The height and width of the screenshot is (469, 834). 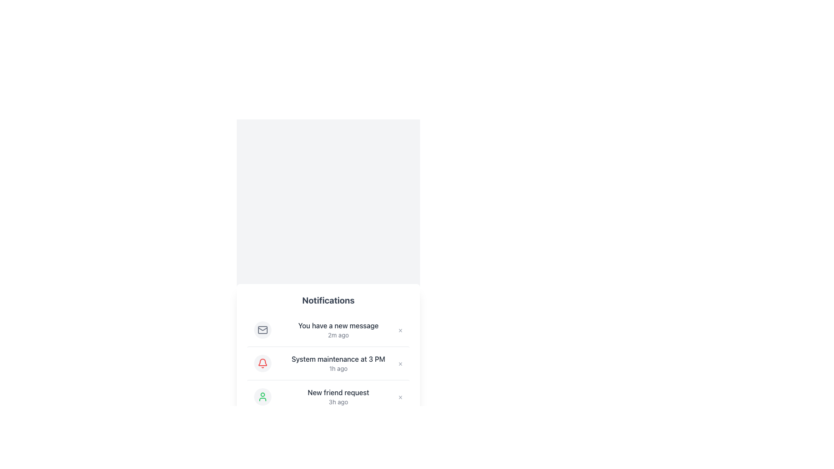 I want to click on the dismiss button located in the top-right corner of the 'System maintenance at 3 PM' notification entry, so click(x=400, y=363).